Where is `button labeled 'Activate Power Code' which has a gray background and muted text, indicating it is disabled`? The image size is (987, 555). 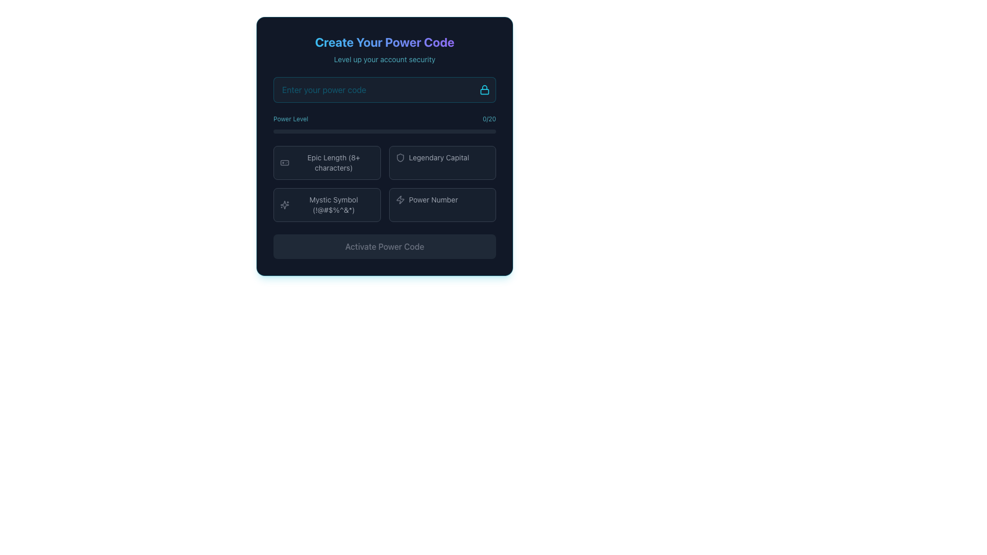 button labeled 'Activate Power Code' which has a gray background and muted text, indicating it is disabled is located at coordinates (384, 246).